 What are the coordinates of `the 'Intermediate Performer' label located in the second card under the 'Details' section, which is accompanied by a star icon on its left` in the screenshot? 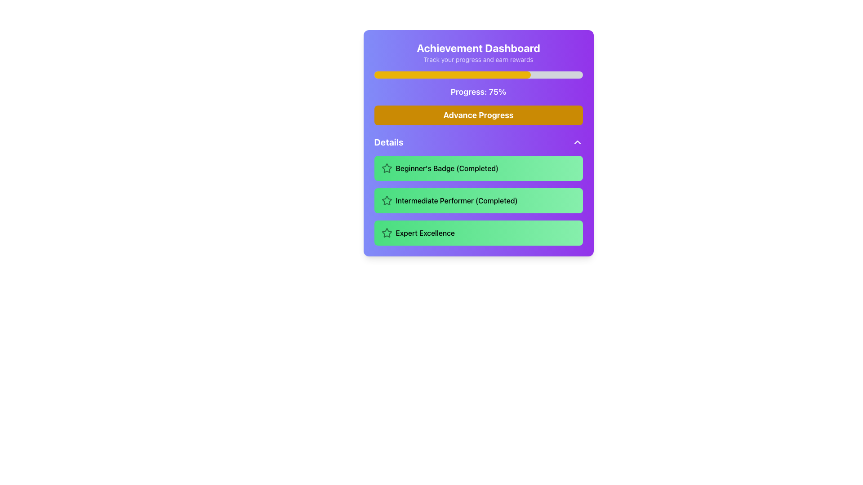 It's located at (457, 200).